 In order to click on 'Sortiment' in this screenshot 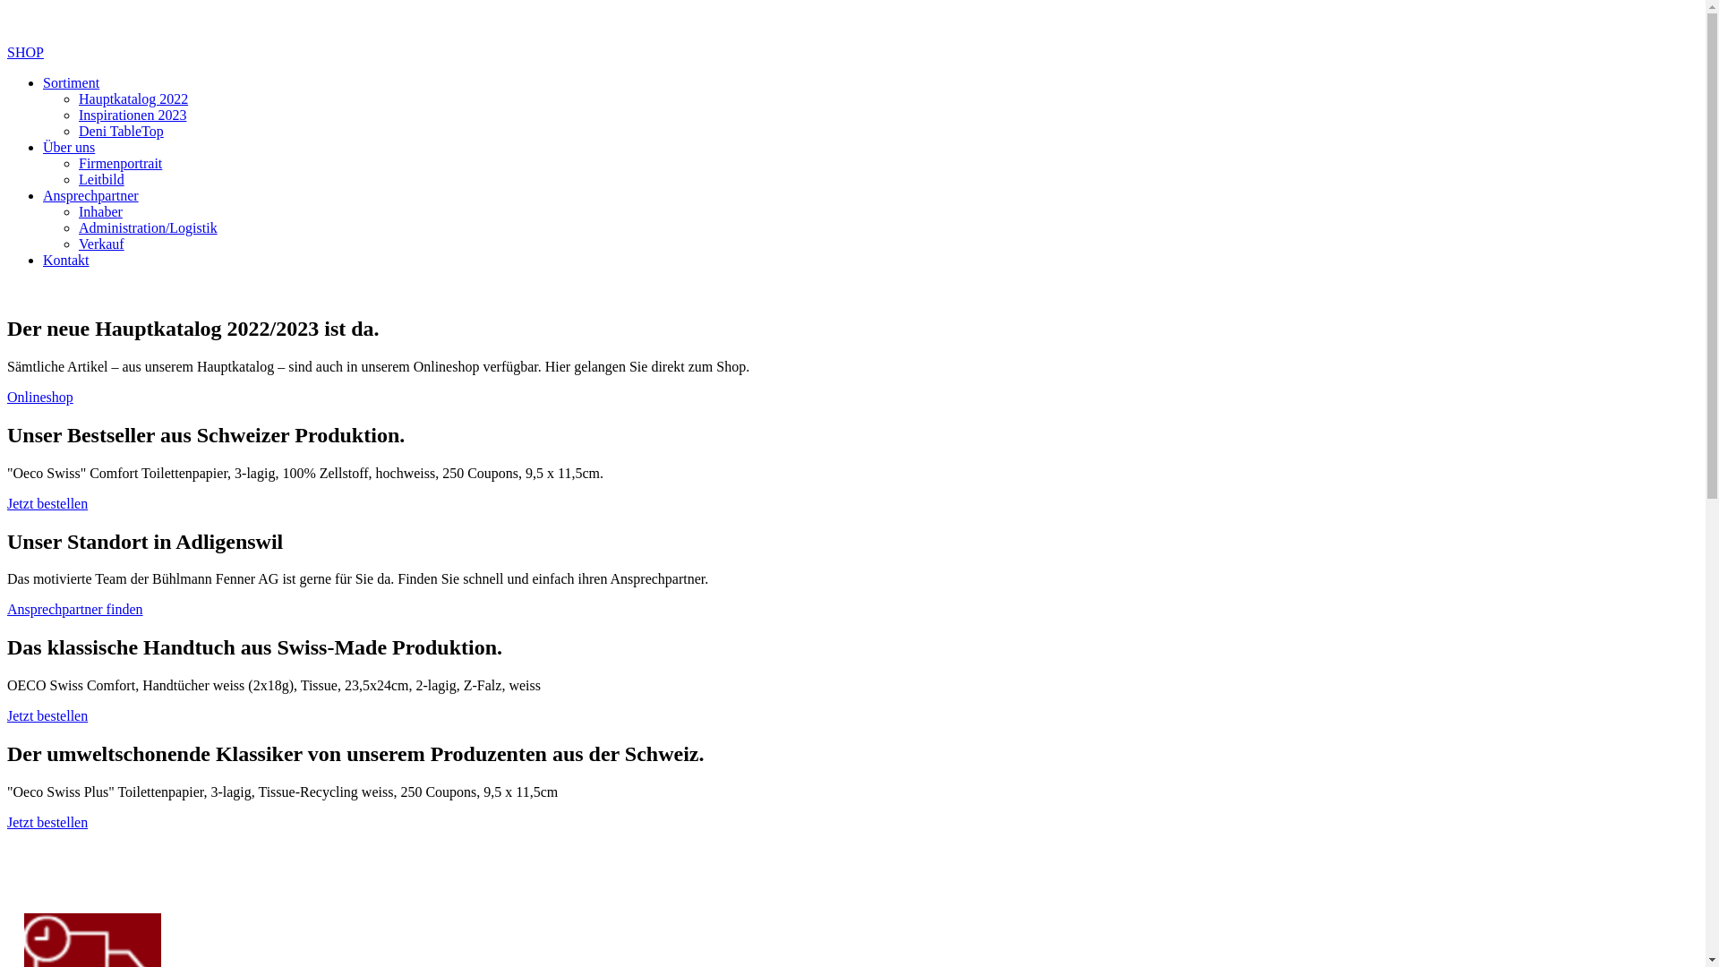, I will do `click(71, 82)`.